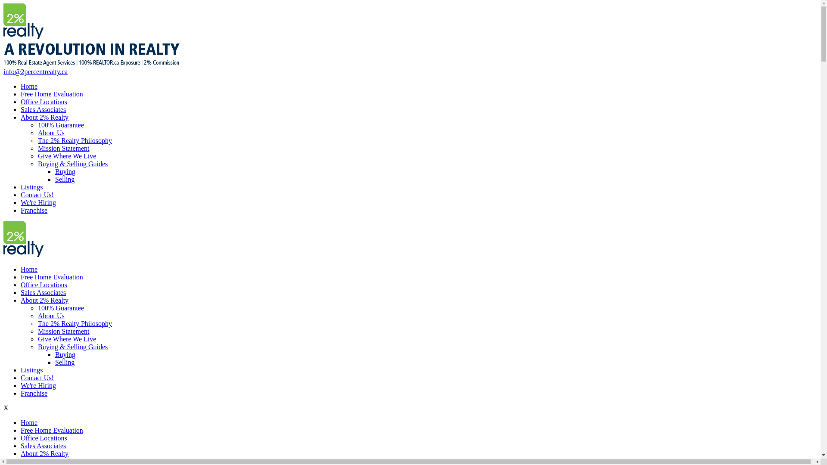  I want to click on 'Sales Associates', so click(43, 292).